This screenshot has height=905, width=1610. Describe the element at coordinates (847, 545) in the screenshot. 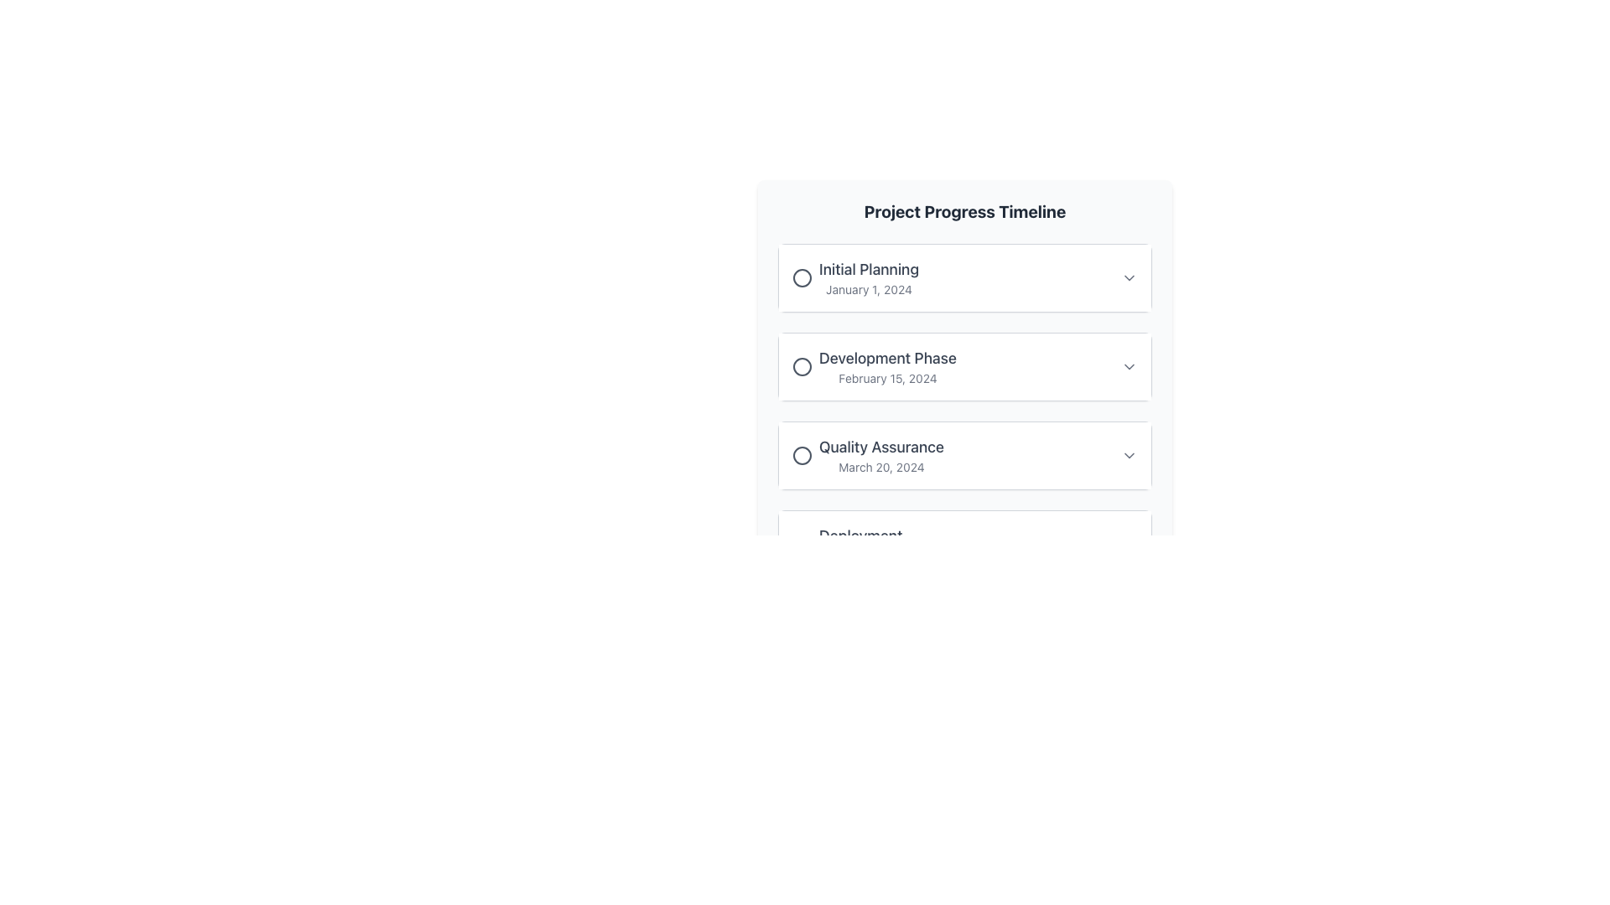

I see `the Text Display Group that shows the title 'Deployment' and the date 'April 1, 2024', positioned at the bottom of the timeline elements` at that location.